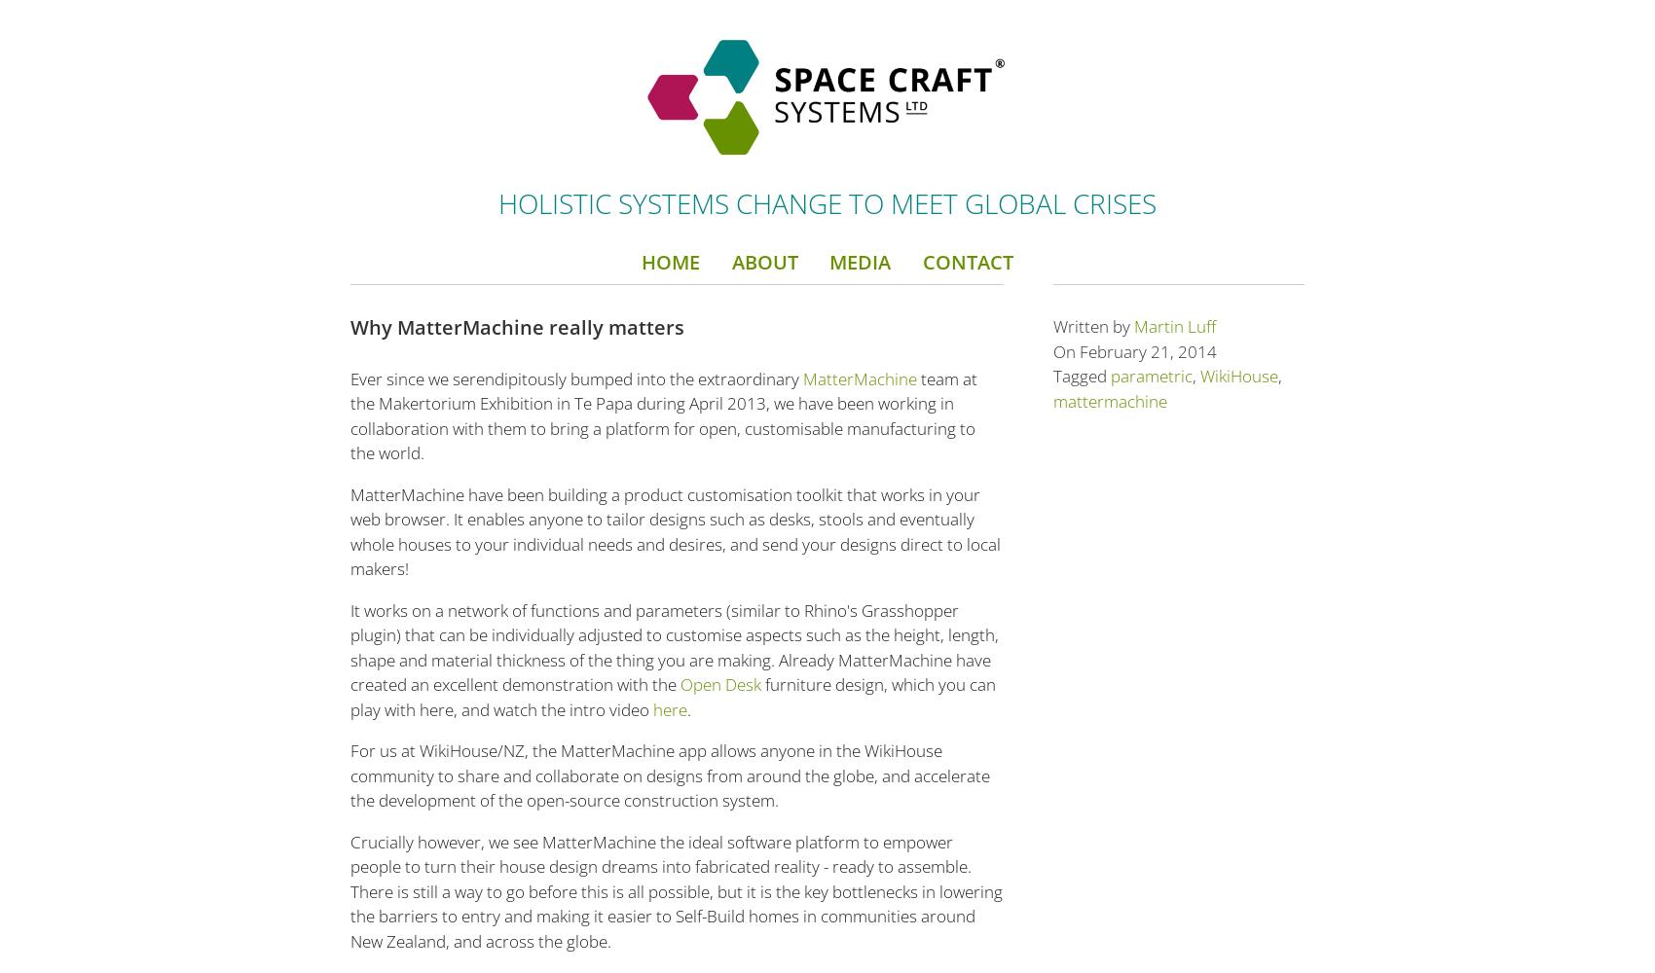  I want to click on 'Contact', so click(922, 262).